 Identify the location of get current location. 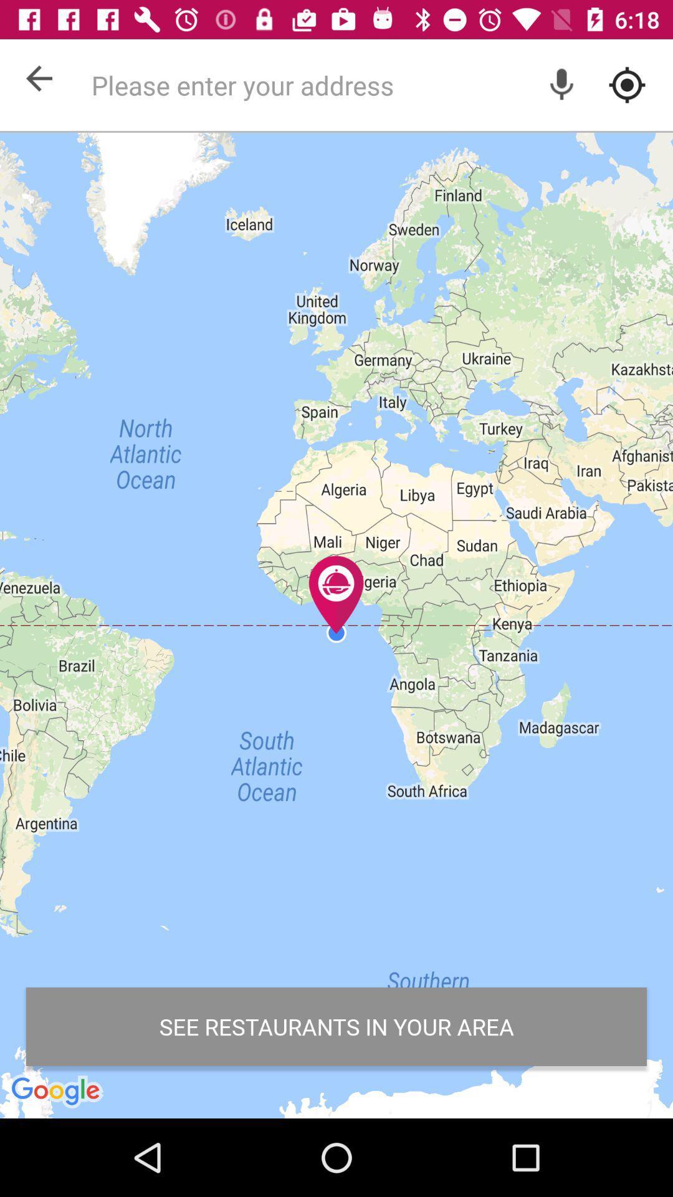
(627, 84).